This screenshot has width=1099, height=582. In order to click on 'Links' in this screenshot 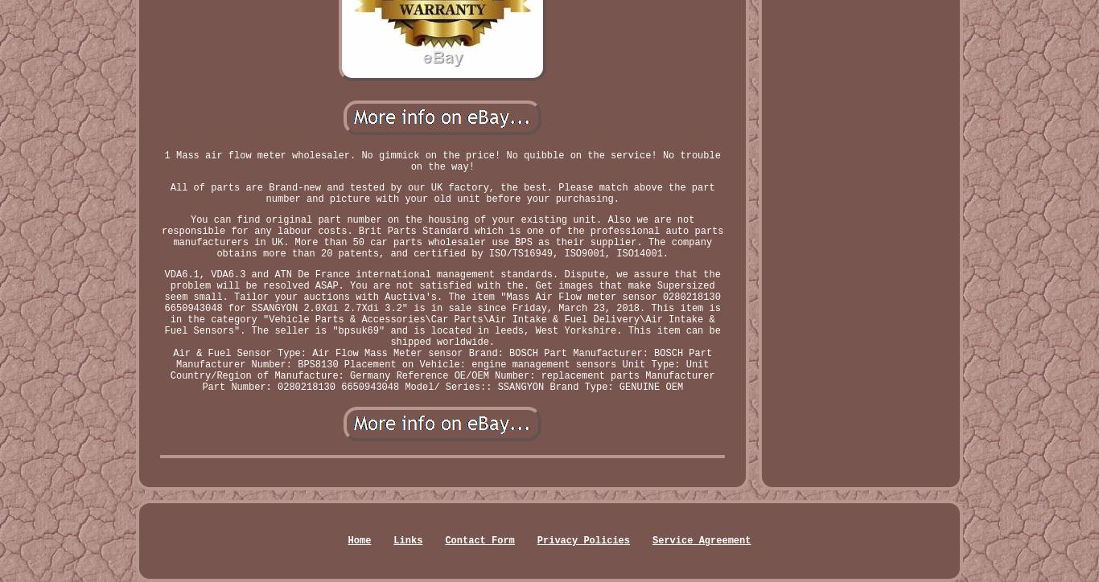, I will do `click(408, 540)`.